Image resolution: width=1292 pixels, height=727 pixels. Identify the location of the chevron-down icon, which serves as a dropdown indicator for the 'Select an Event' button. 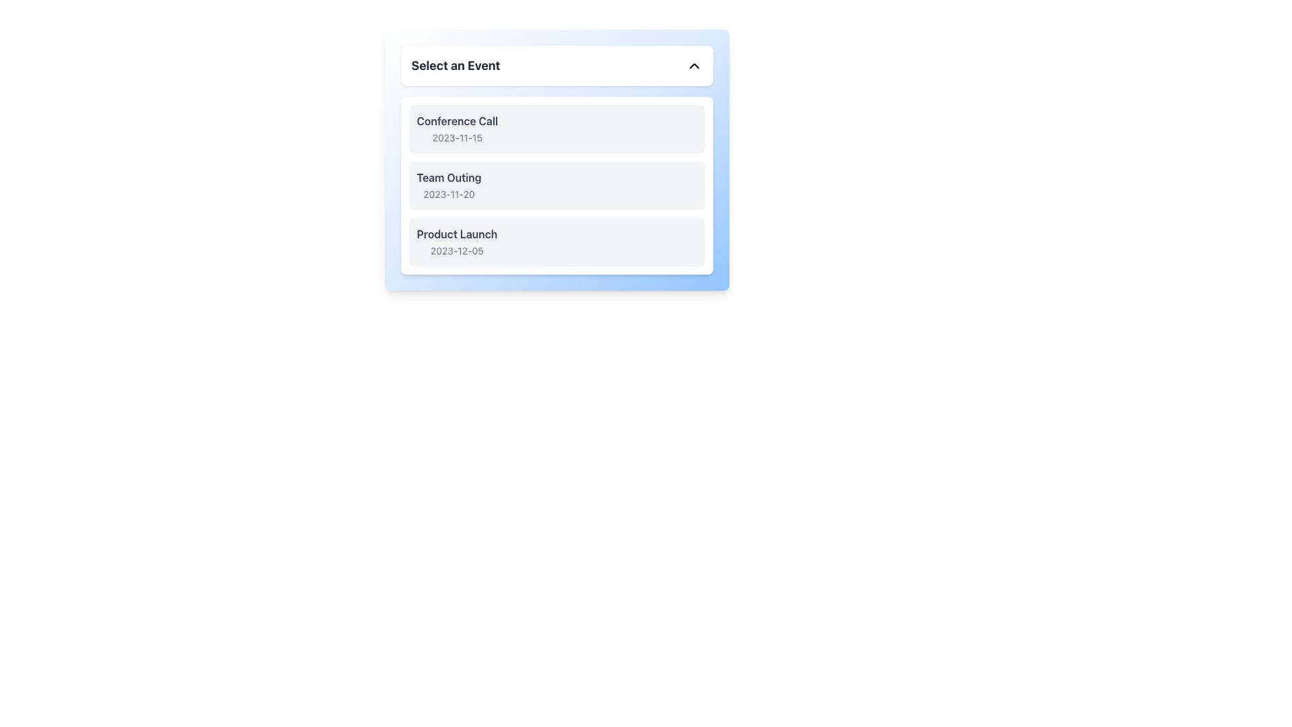
(694, 65).